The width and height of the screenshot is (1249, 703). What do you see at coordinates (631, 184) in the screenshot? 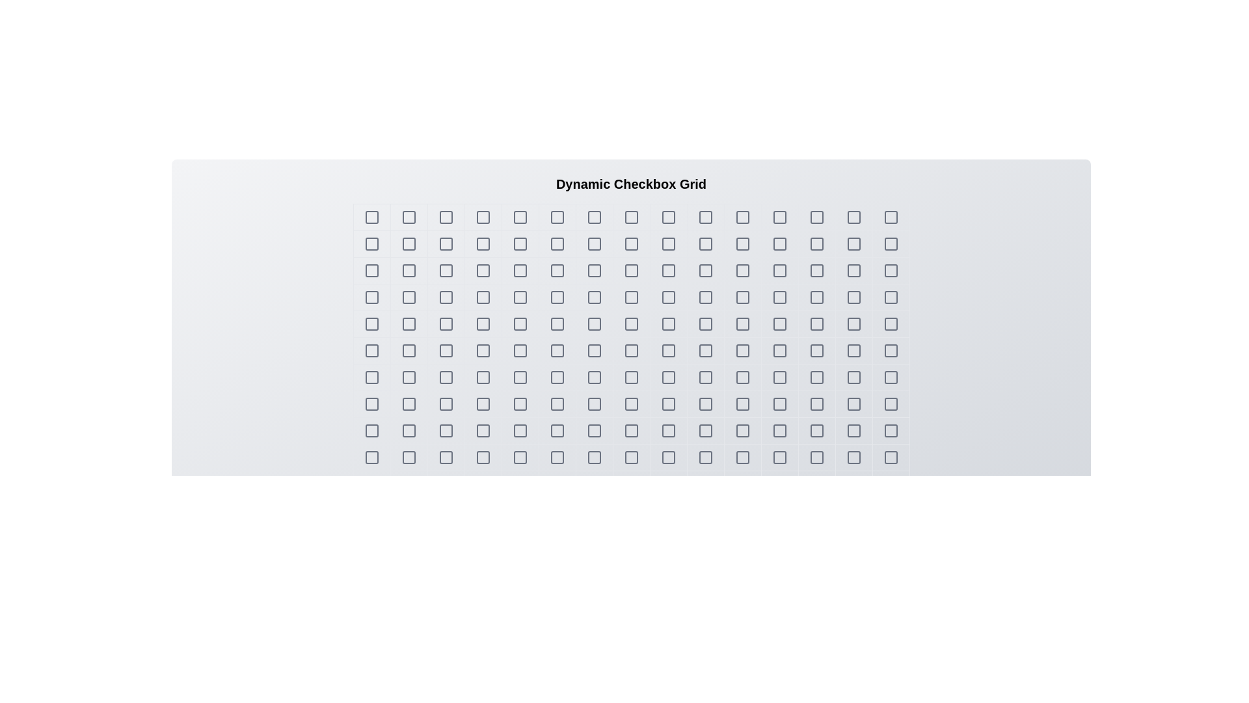
I see `the text label 'Dynamic Checkbox Grid' located at the top center of the component` at bounding box center [631, 184].